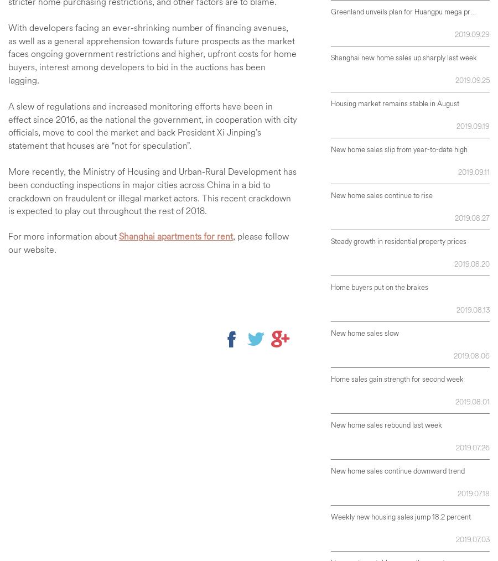  What do you see at coordinates (473, 309) in the screenshot?
I see `'2019.08.13'` at bounding box center [473, 309].